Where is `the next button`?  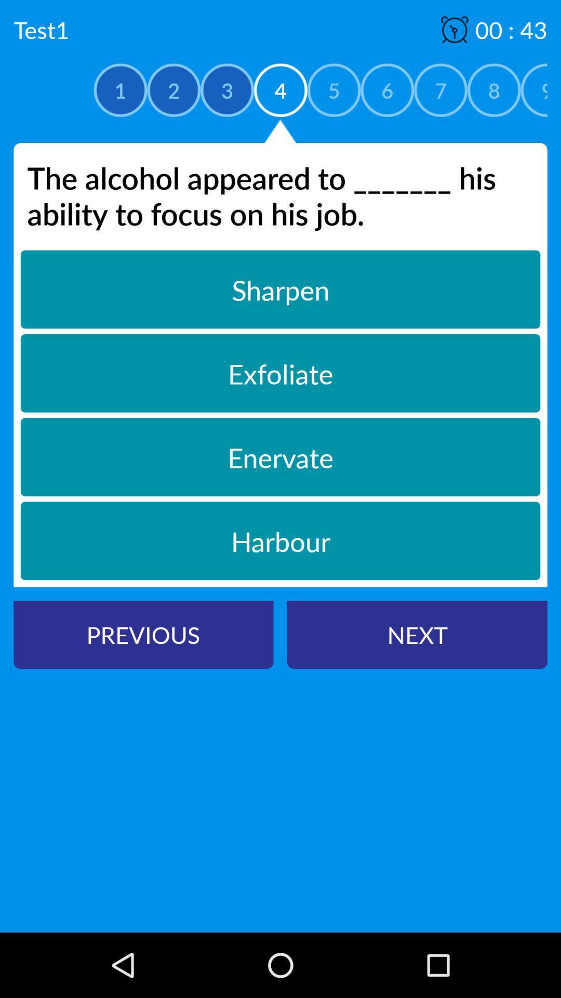
the next button is located at coordinates (417, 634).